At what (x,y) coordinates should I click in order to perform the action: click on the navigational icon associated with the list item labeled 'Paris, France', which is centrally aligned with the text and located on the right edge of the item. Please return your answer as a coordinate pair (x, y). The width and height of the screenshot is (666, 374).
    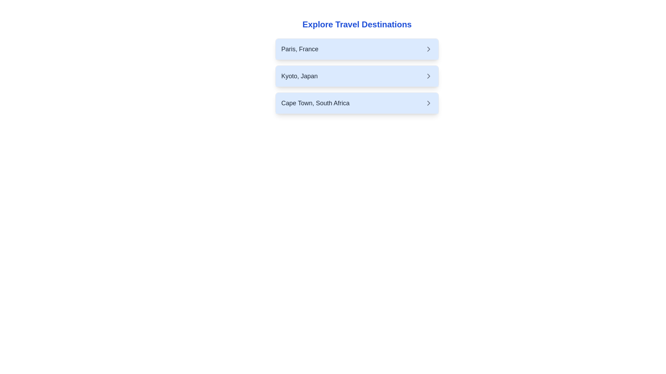
    Looking at the image, I should click on (428, 49).